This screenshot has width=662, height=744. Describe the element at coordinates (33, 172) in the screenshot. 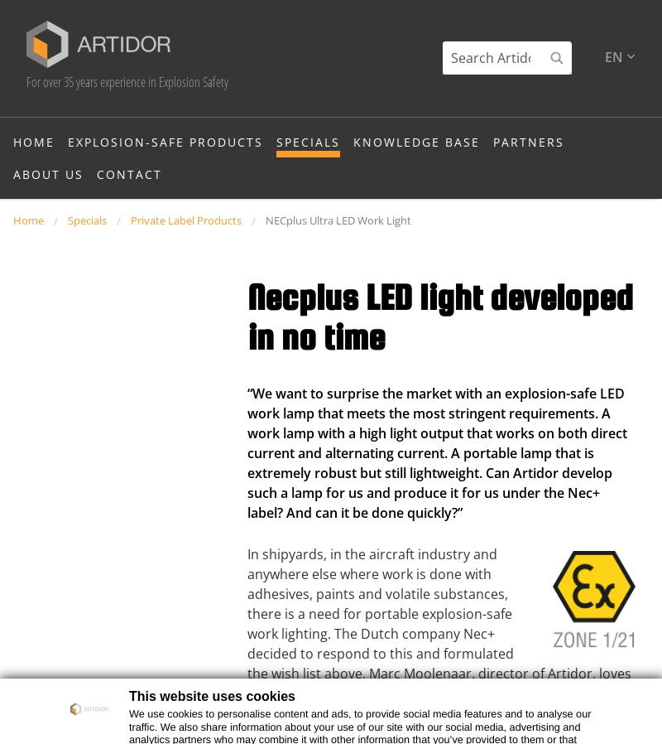

I see `'Home'` at that location.